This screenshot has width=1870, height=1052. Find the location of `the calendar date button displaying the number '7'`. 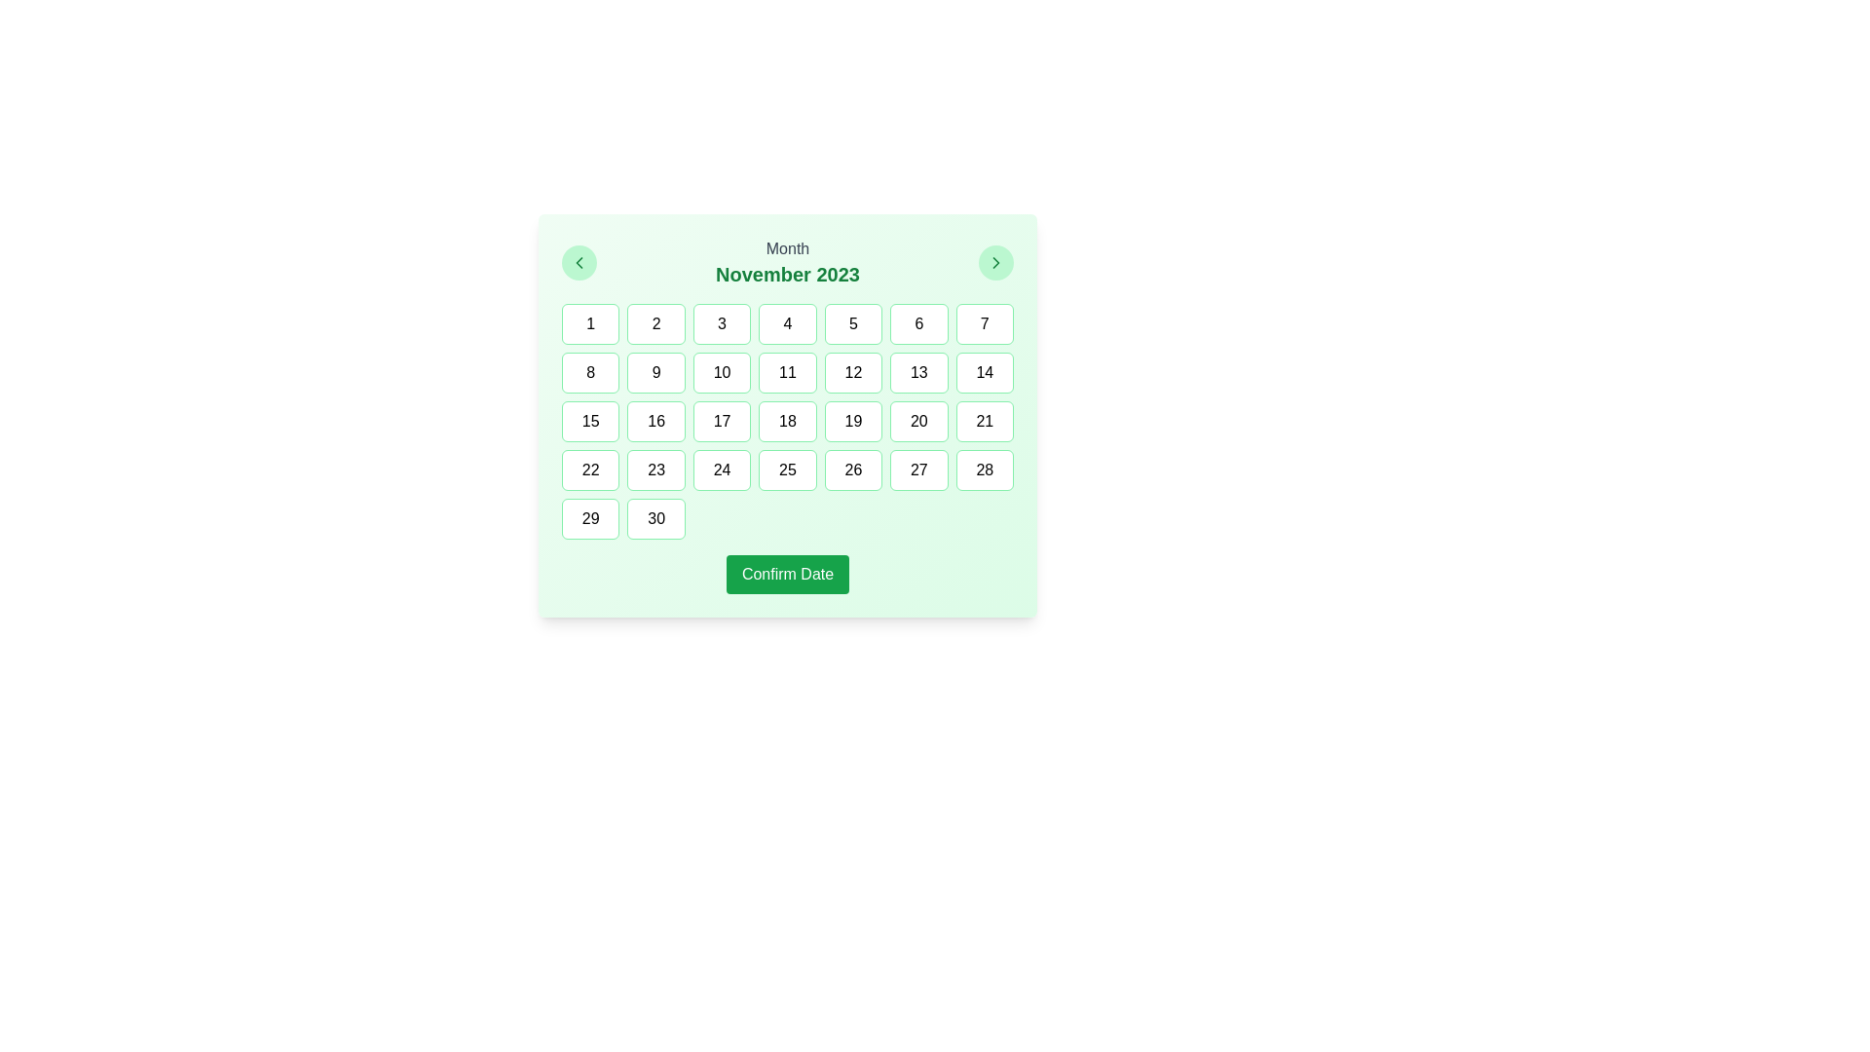

the calendar date button displaying the number '7' is located at coordinates (985, 322).